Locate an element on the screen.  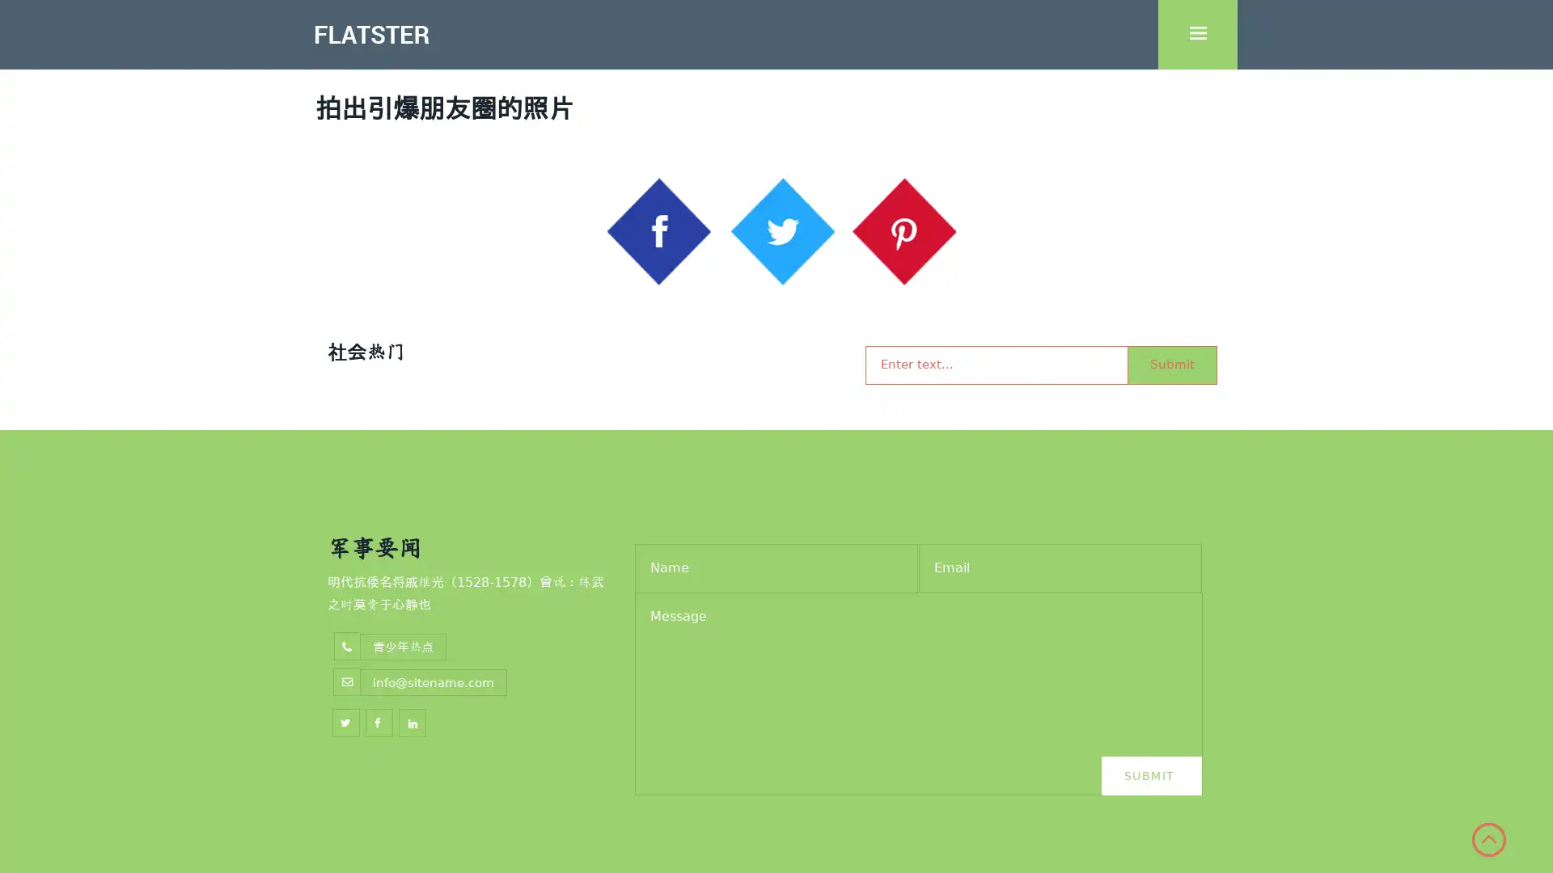
Submit is located at coordinates (1150, 774).